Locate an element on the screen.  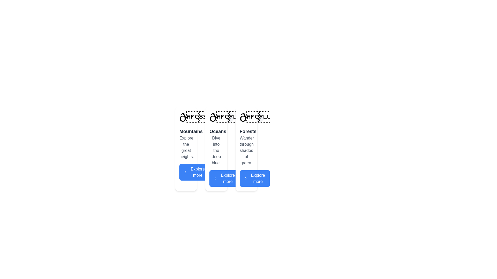
the rightwards chevron icon within the blue 'Explore more' button, which is the leftmost of three buttons at the bottom of the cards is located at coordinates (185, 172).